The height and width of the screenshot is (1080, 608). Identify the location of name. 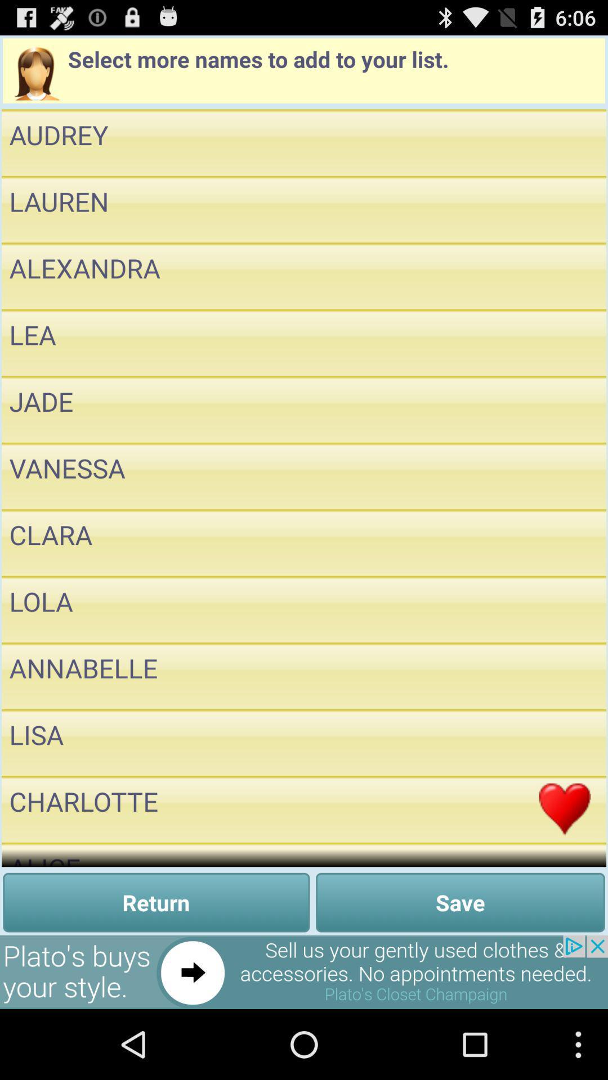
(565, 276).